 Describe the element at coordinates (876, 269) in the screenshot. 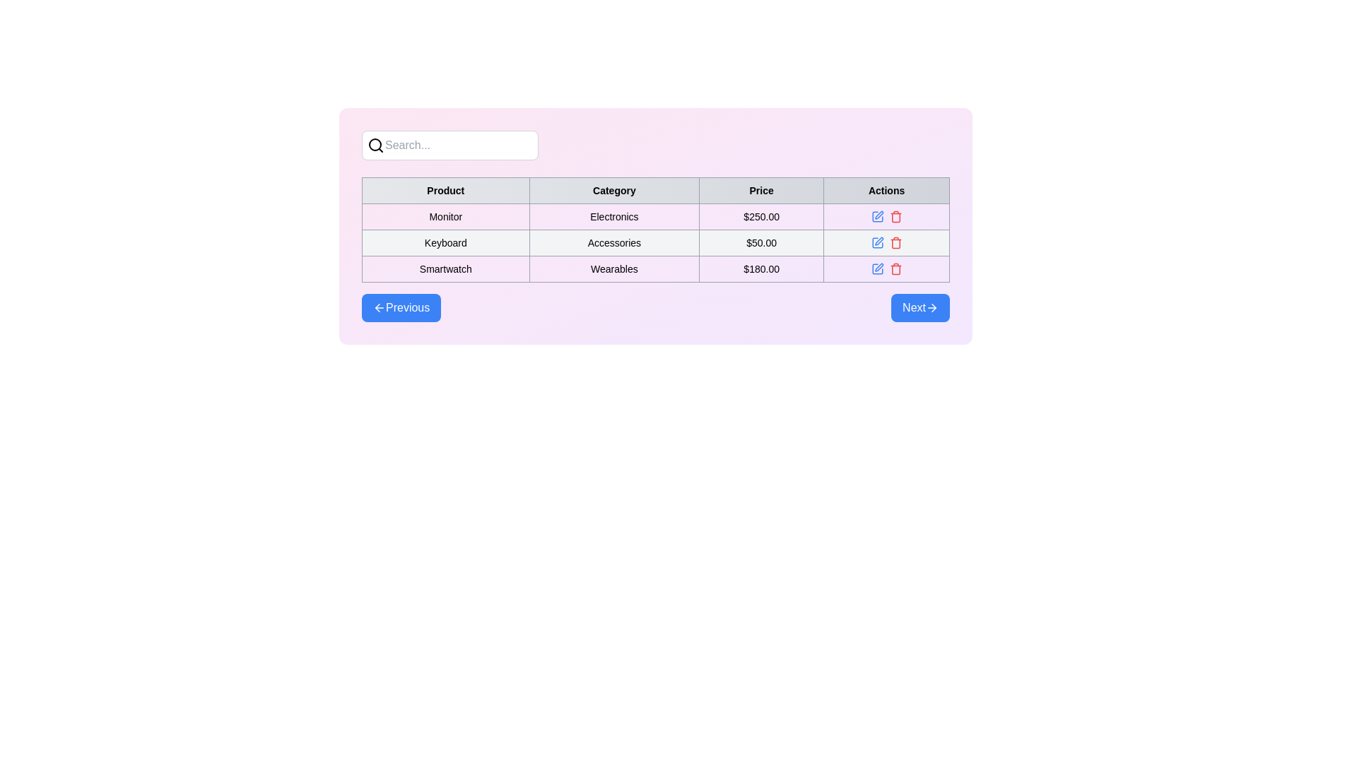

I see `the edit icon button in the third row of the table under the 'Actions' column` at that location.